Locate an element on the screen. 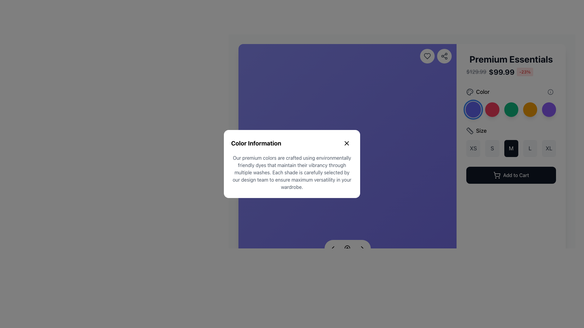  the 'Medium (M)' size selector button located between the 'S' and 'L' buttons is located at coordinates (511, 149).